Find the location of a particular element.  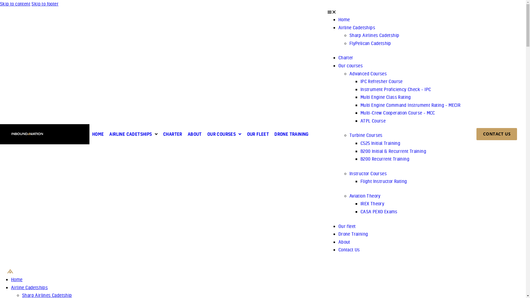

'DRONE TRAINING' is located at coordinates (291, 134).